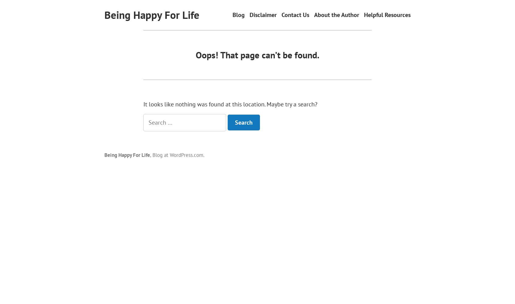  What do you see at coordinates (263, 15) in the screenshot?
I see `'Disclaimer'` at bounding box center [263, 15].